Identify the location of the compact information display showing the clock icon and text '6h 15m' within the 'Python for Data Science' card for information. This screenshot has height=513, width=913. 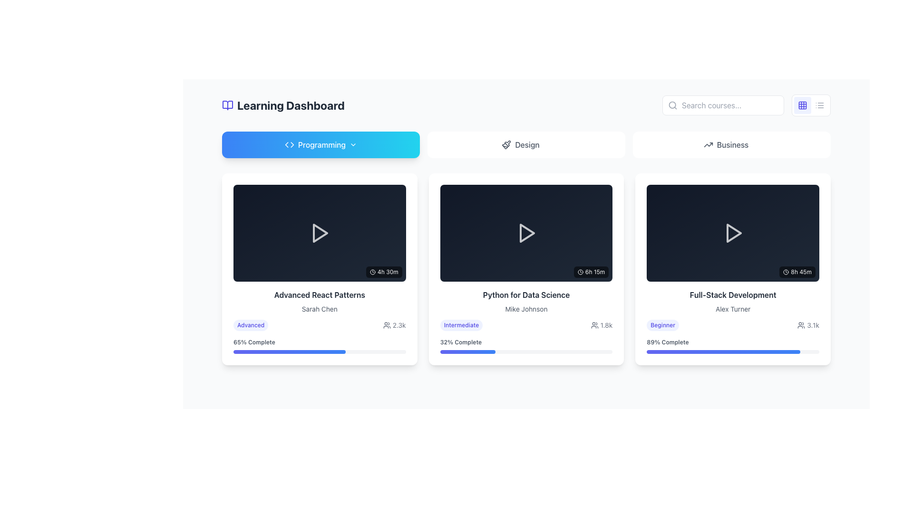
(591, 272).